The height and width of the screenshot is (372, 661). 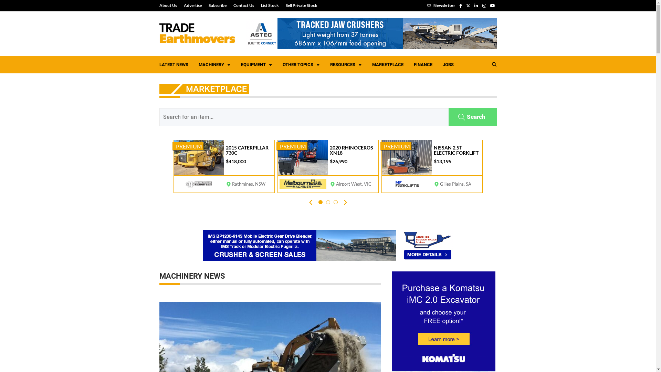 I want to click on '3rd party ad content', so click(x=371, y=33).